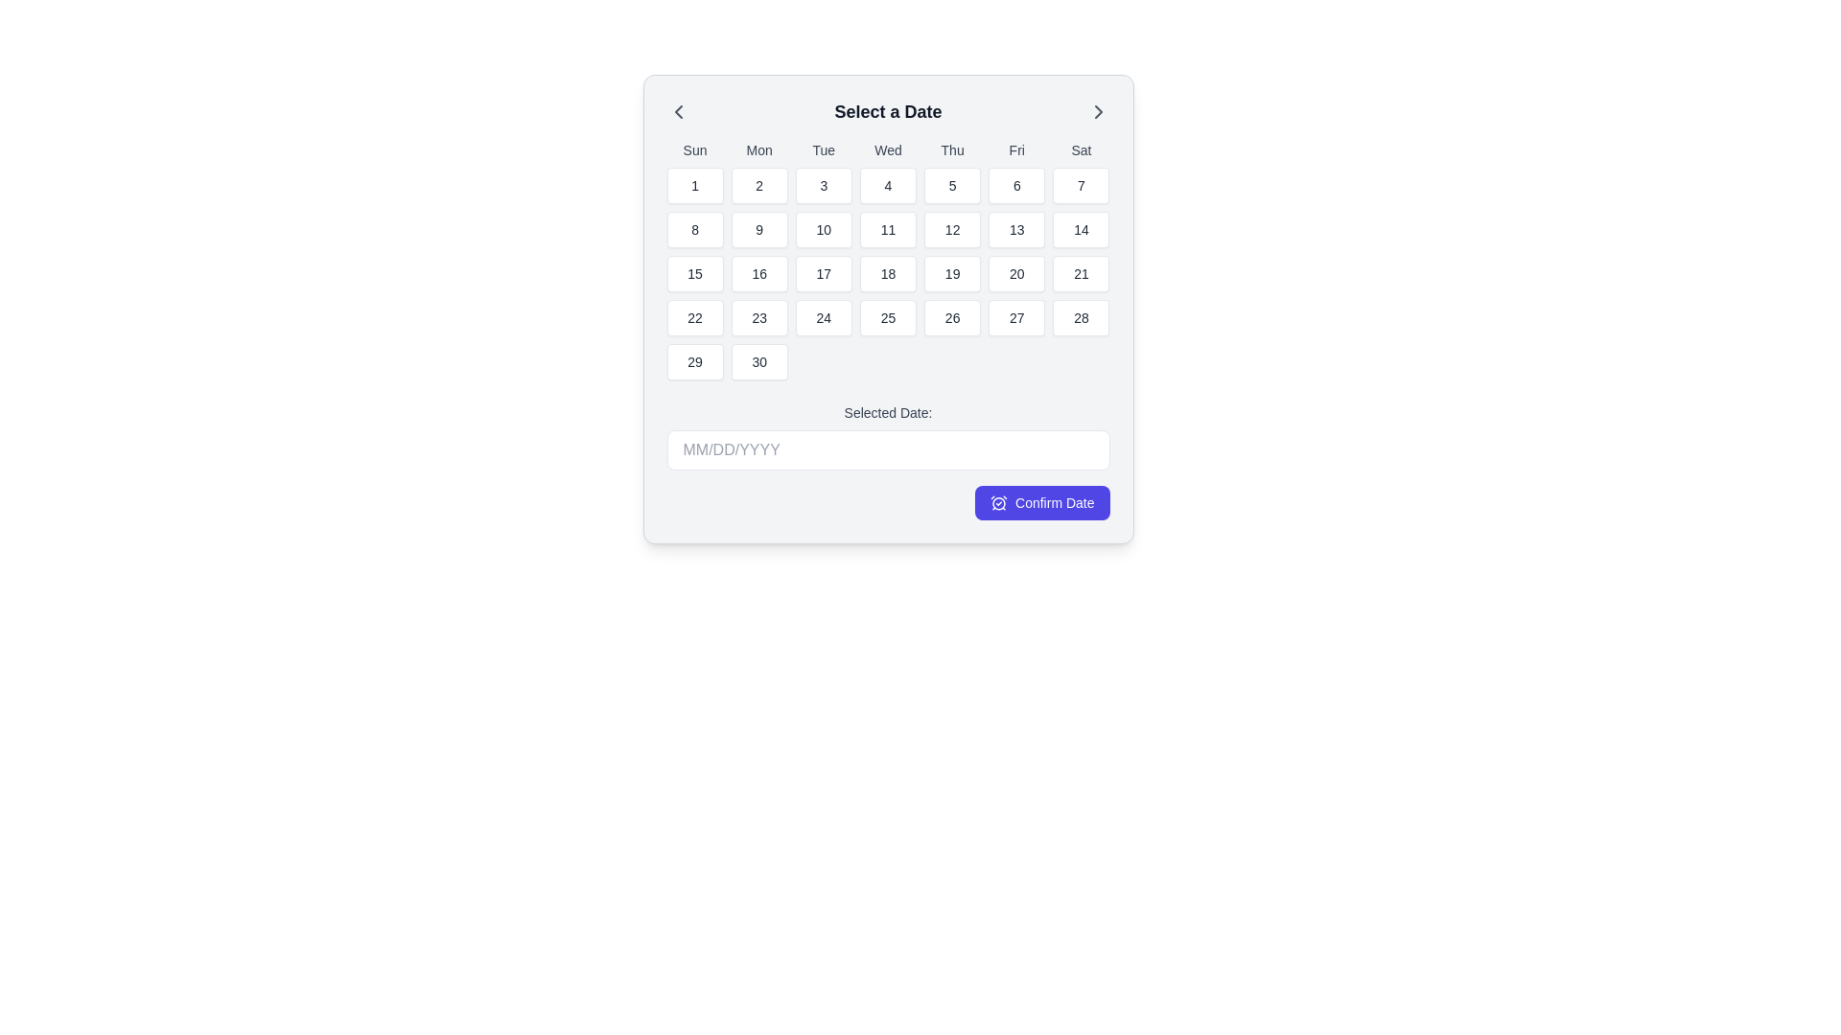 This screenshot has width=1841, height=1035. Describe the element at coordinates (887, 111) in the screenshot. I see `the heading text label that reads 'Select a Date', prominently displayed at the top of the calendar interface` at that location.